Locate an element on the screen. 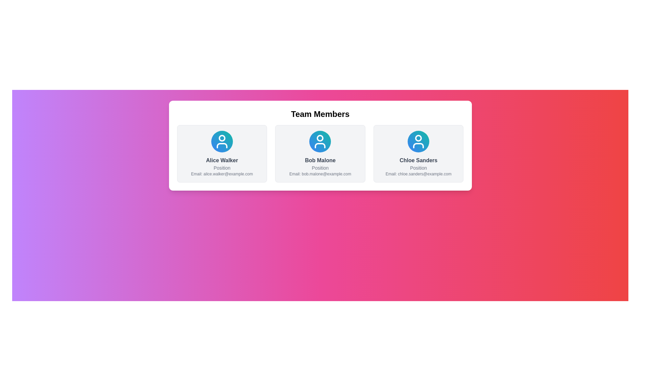  the user profile icon representing 'Alice Walker', located at the top of the first user profile card is located at coordinates (222, 141).